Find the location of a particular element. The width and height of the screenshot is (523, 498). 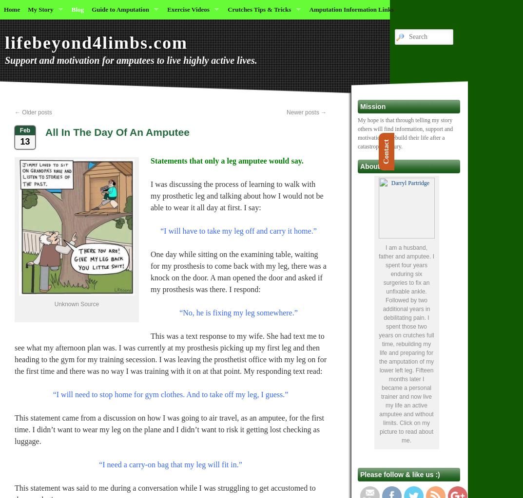

'Older posts' is located at coordinates (36, 111).